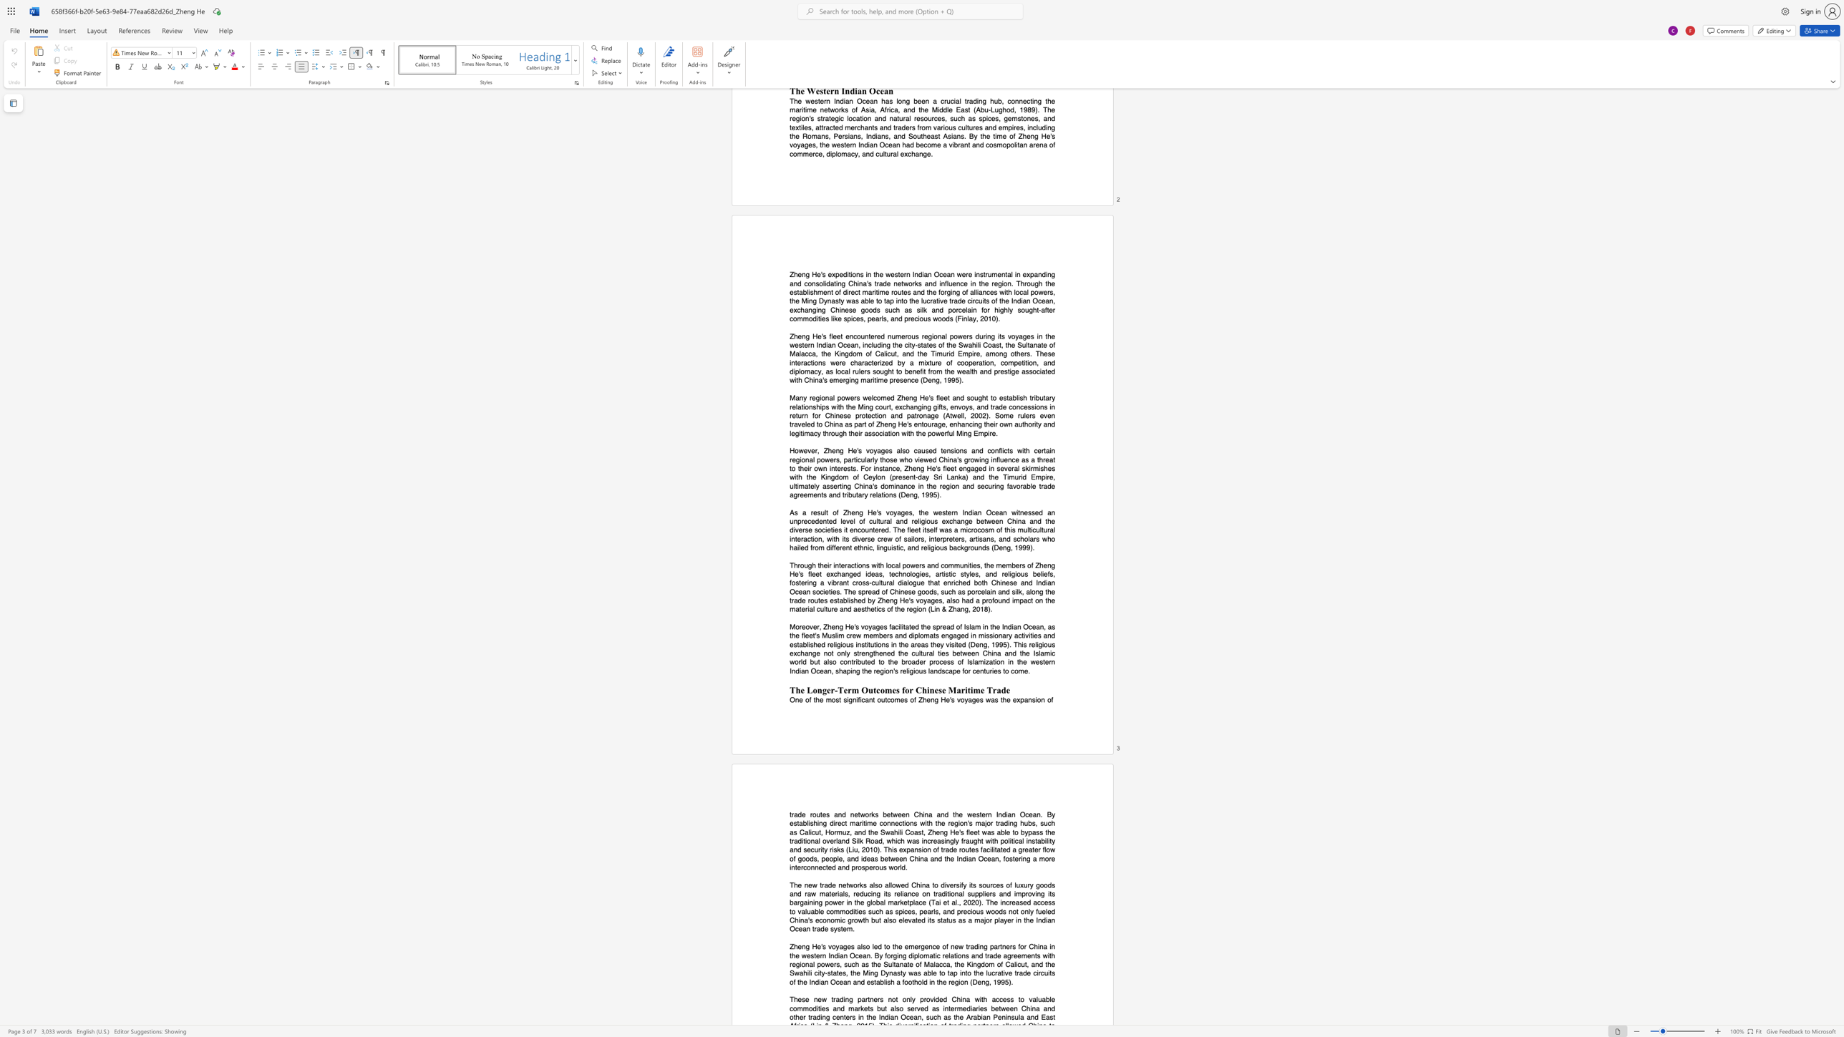  Describe the element at coordinates (1027, 973) in the screenshot. I see `the space between the continuous character "d" and "e" in the text` at that location.